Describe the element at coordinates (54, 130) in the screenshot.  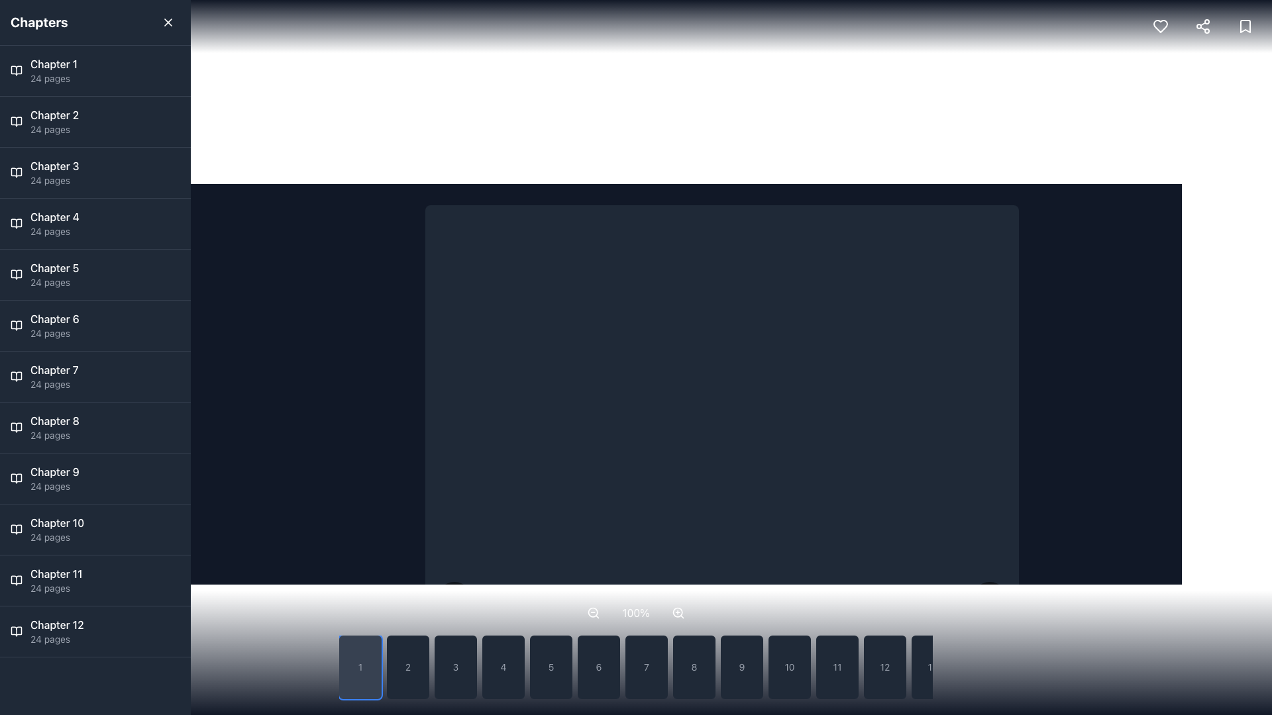
I see `the text label displaying '24 pages' located below 'Chapter 2' to retrieve tooltip information, if available` at that location.